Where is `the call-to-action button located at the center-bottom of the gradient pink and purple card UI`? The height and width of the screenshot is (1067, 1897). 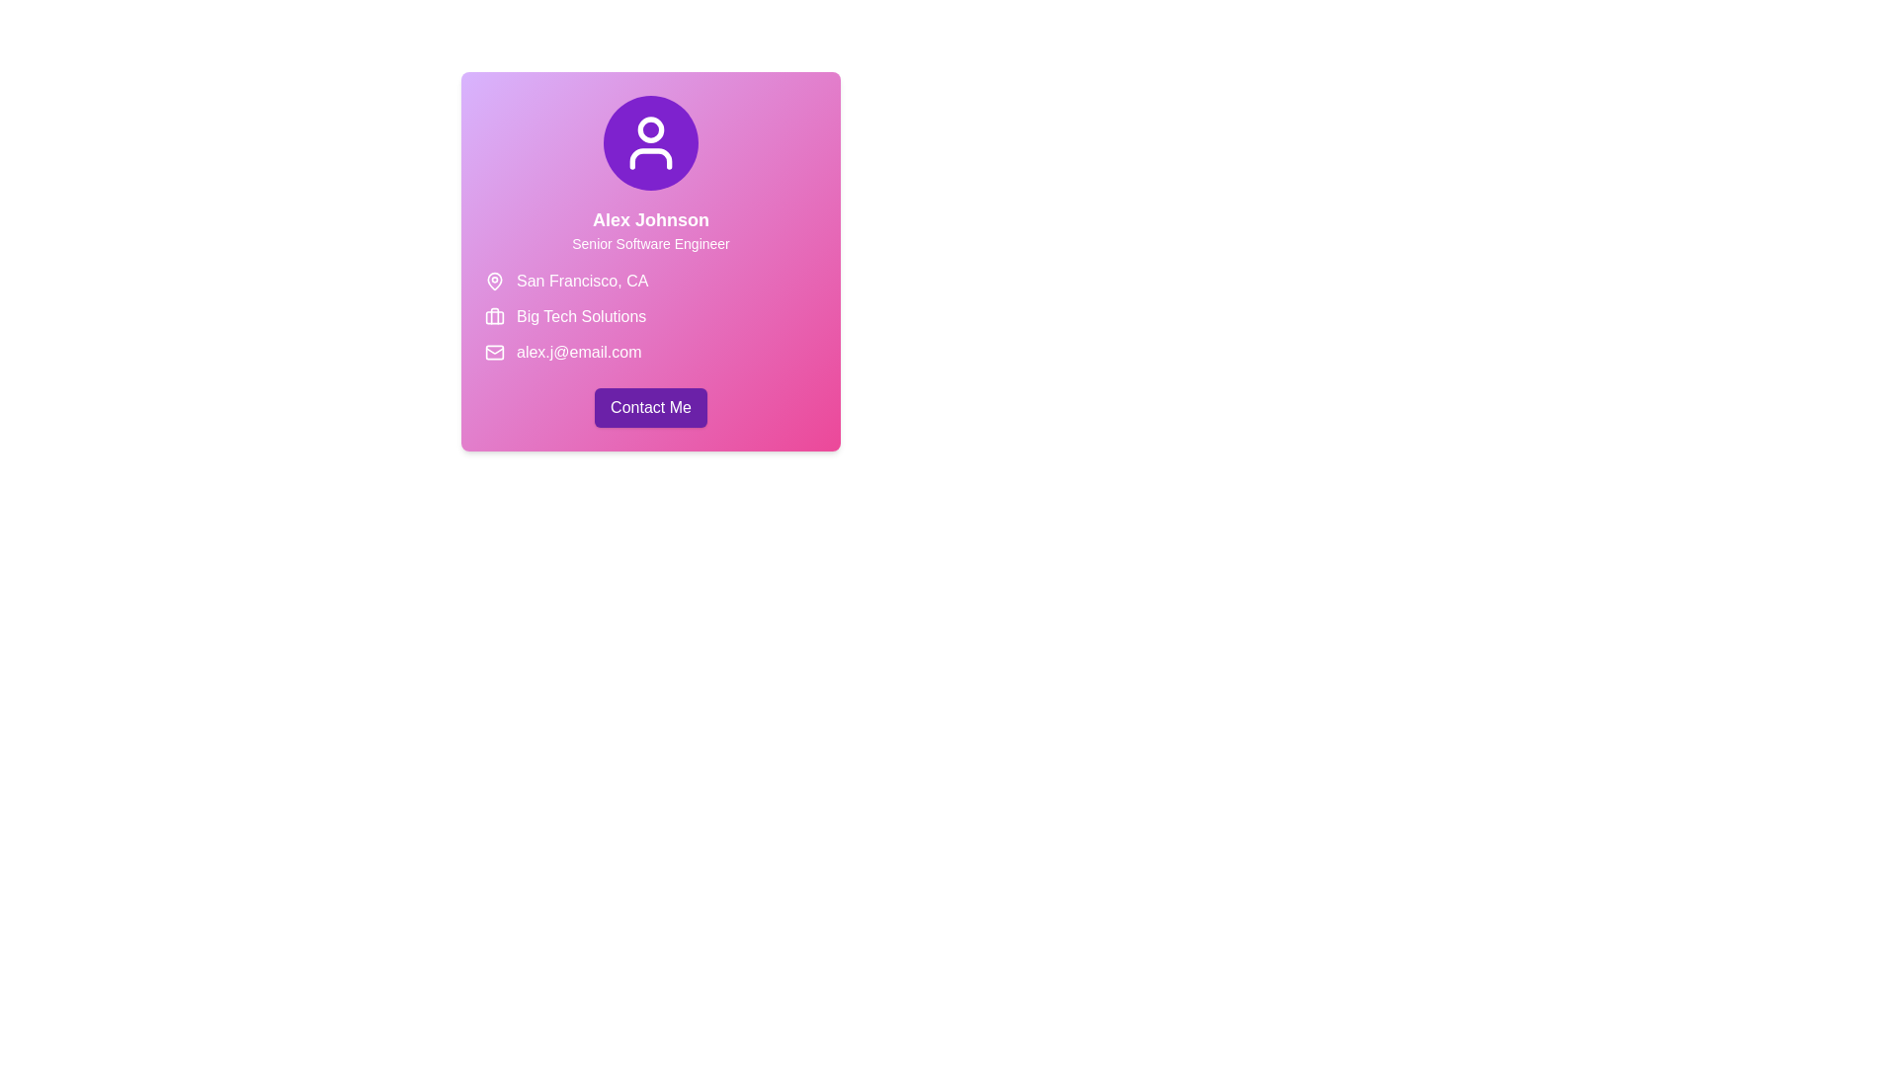
the call-to-action button located at the center-bottom of the gradient pink and purple card UI is located at coordinates (650, 406).